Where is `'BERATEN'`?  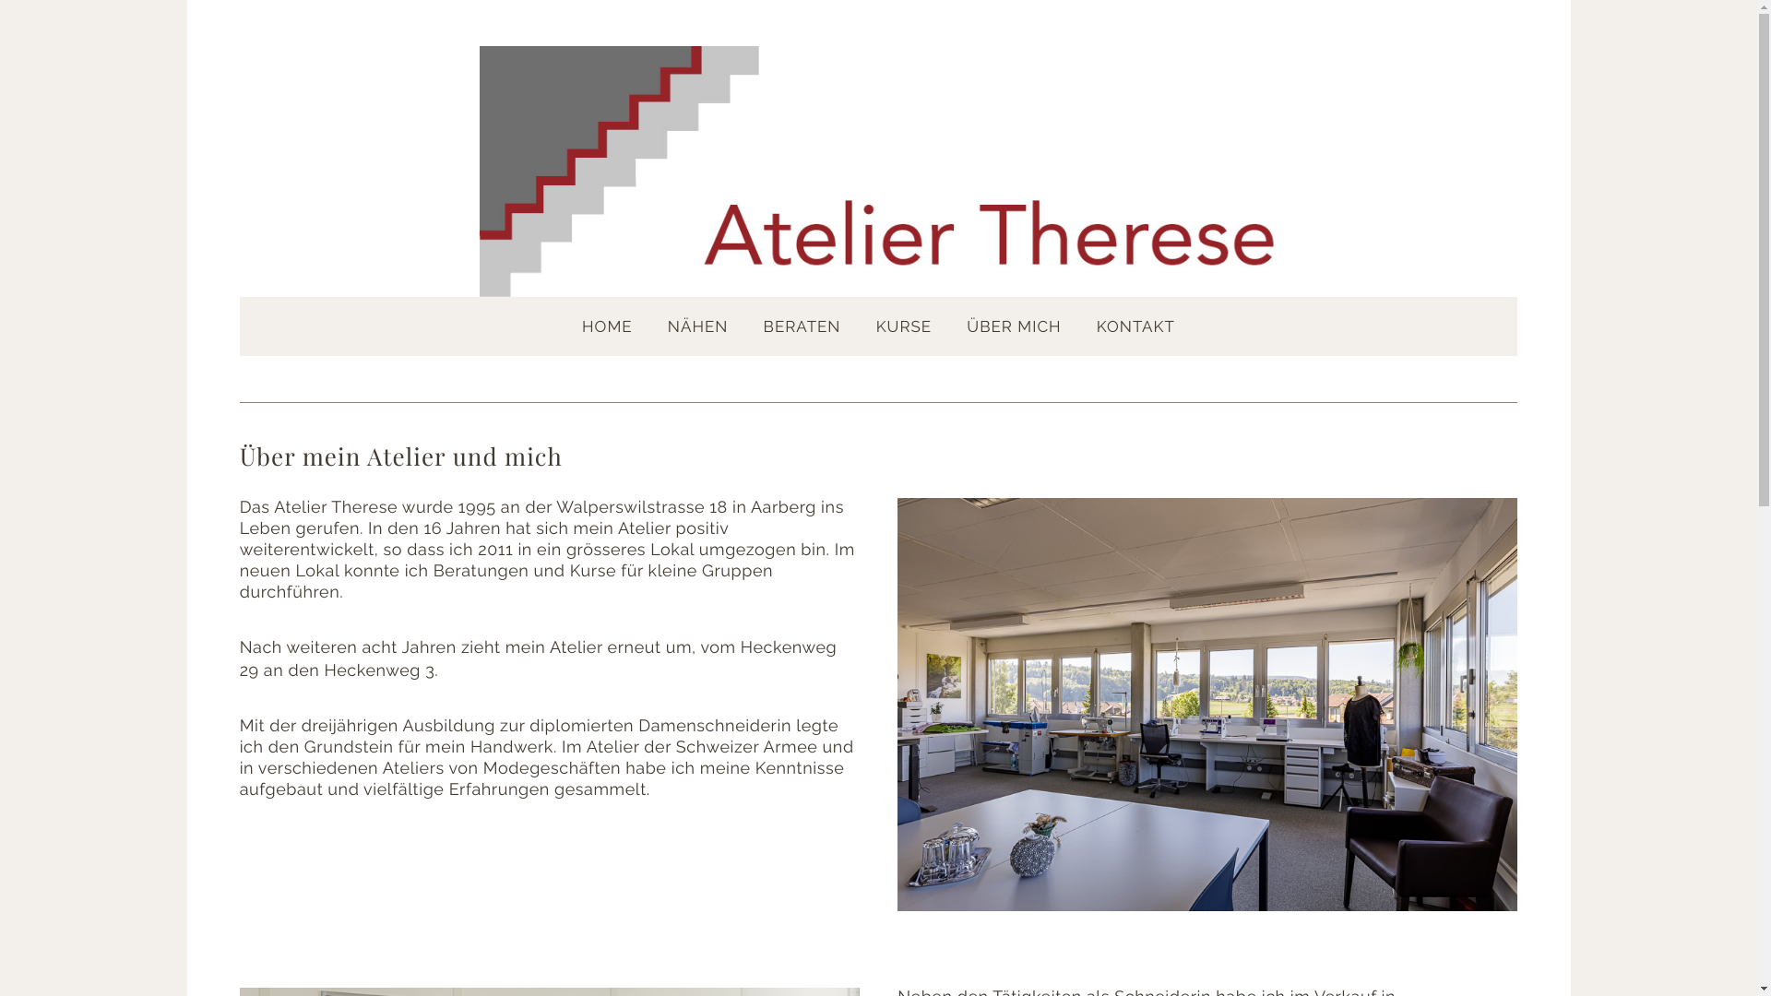
'BERATEN' is located at coordinates (802, 326).